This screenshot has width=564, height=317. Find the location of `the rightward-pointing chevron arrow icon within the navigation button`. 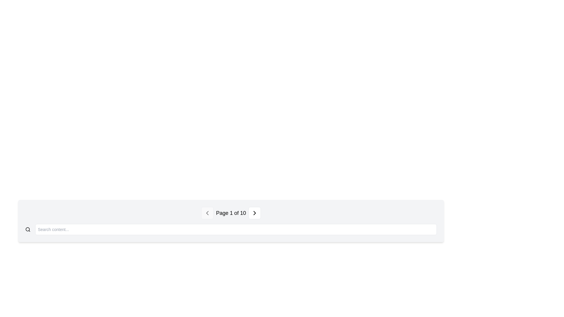

the rightward-pointing chevron arrow icon within the navigation button is located at coordinates (254, 213).